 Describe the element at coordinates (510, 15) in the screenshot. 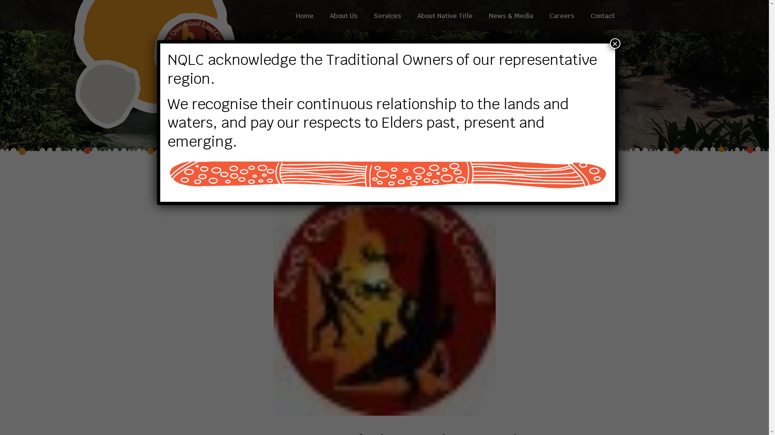

I see `'News & Media'` at that location.